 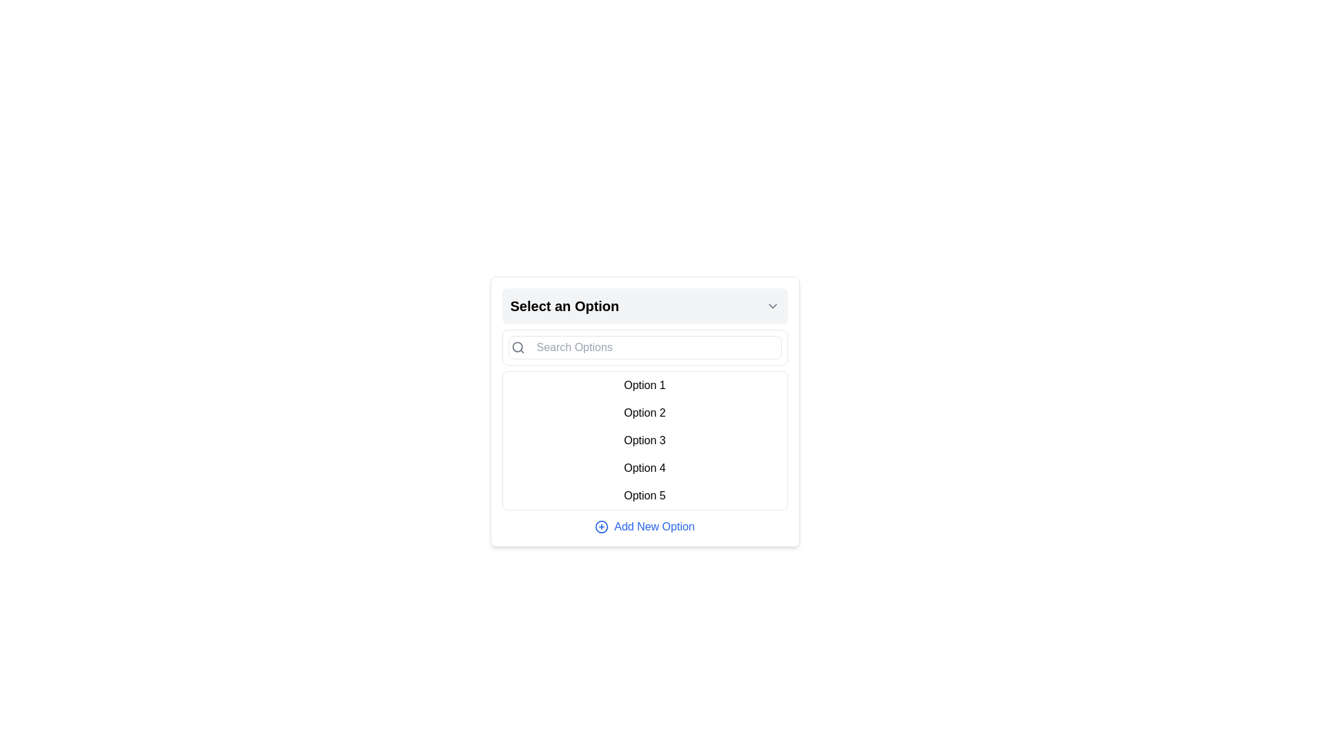 I want to click on the static list item displaying the text 'Option 2' which is styled with padding and has a hover effect that changes the background color to light grey, so click(x=644, y=412).